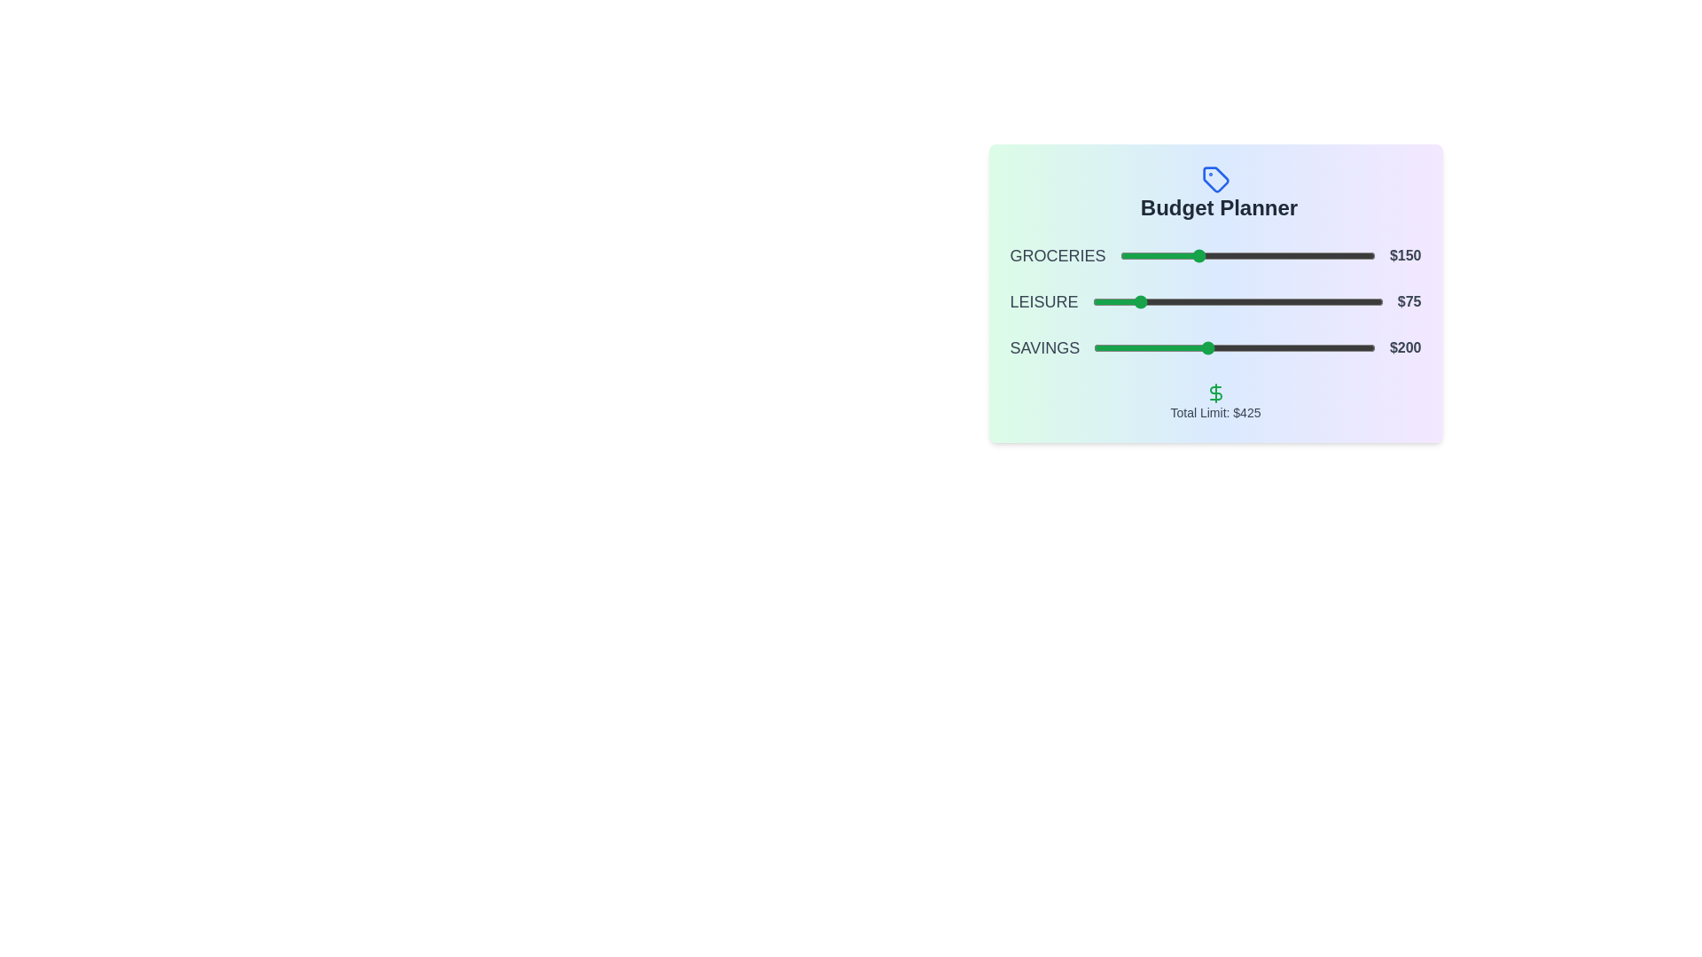 This screenshot has height=957, width=1702. Describe the element at coordinates (1140, 256) in the screenshot. I see `the slider for 0 to 40` at that location.